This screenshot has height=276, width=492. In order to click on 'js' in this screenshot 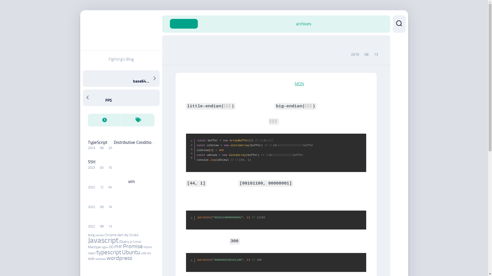, I will do `click(131, 241)`.